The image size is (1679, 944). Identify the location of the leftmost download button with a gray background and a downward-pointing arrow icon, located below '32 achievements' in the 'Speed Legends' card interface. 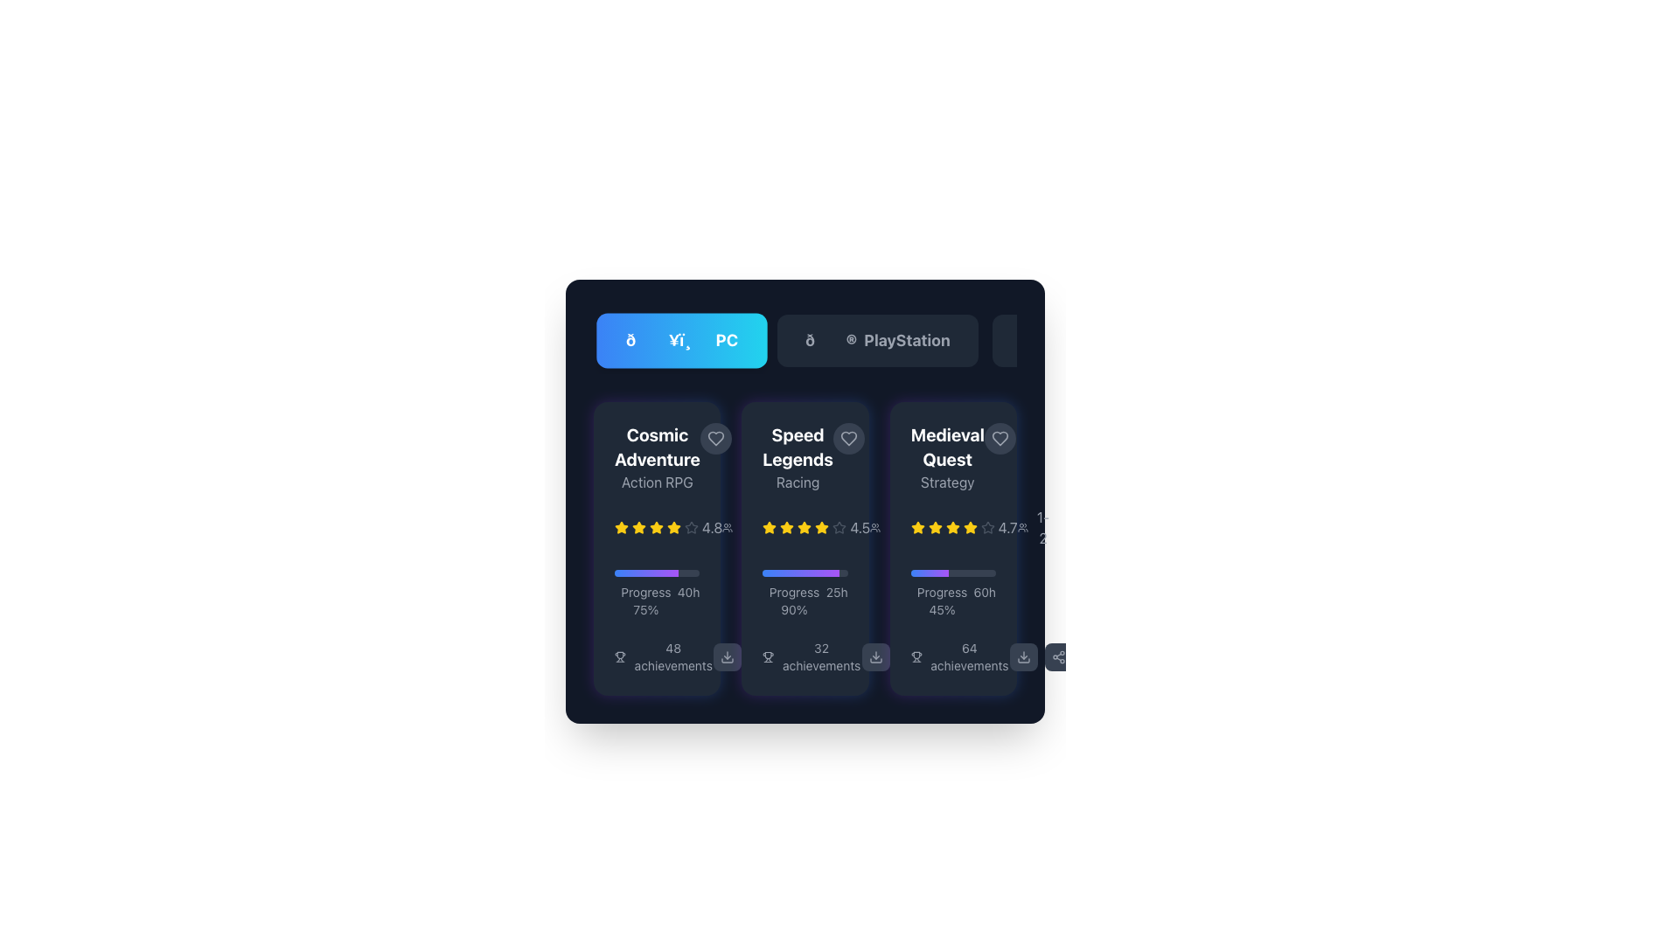
(745, 657).